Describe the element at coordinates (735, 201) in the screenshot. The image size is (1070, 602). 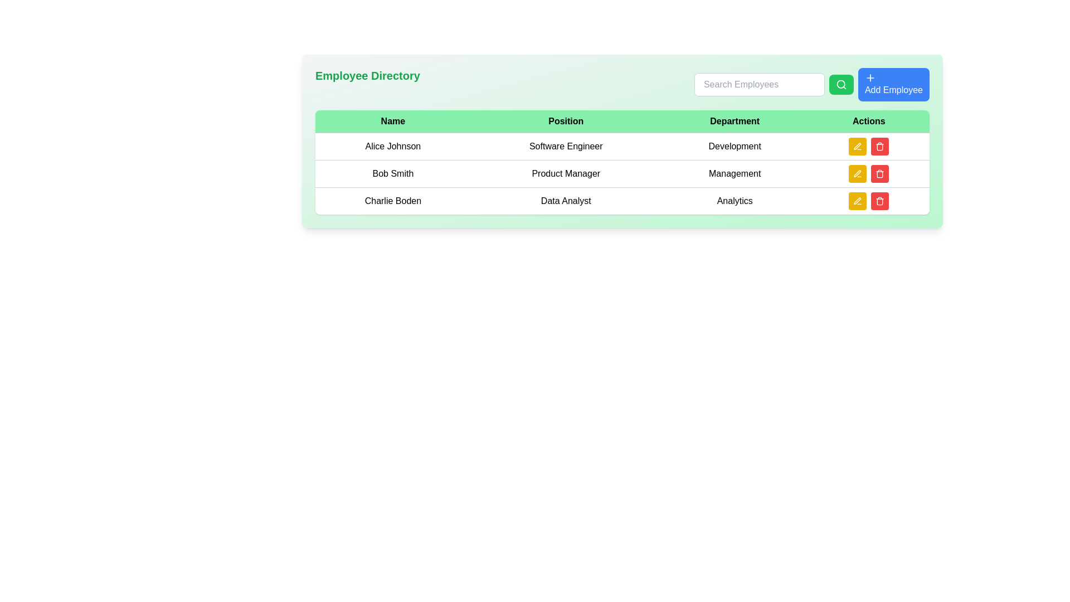
I see `the text label that displays 'Analytics' located in the 'Department' column for 'Charlie Boden' and 'Data Analyst'` at that location.